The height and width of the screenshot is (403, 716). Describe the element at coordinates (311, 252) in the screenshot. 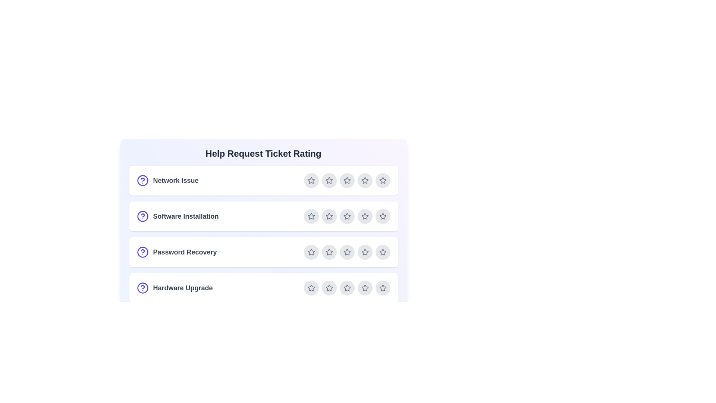

I see `the star corresponding to 1 for the ticket Password Recovery` at that location.